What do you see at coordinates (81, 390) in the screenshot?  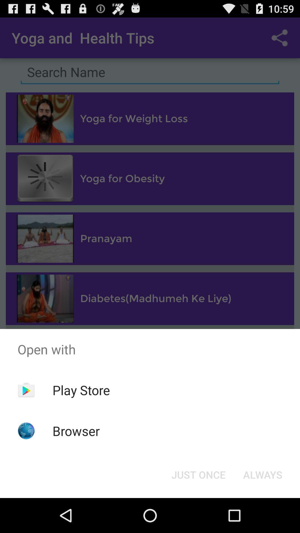 I see `play store app` at bounding box center [81, 390].